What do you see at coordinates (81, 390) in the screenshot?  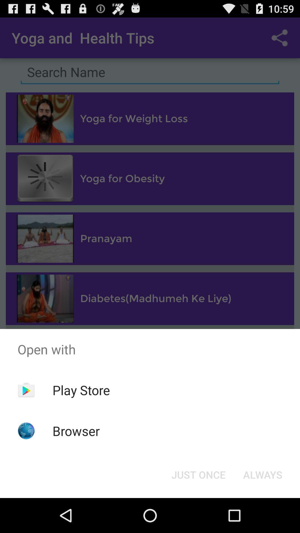 I see `play store app` at bounding box center [81, 390].